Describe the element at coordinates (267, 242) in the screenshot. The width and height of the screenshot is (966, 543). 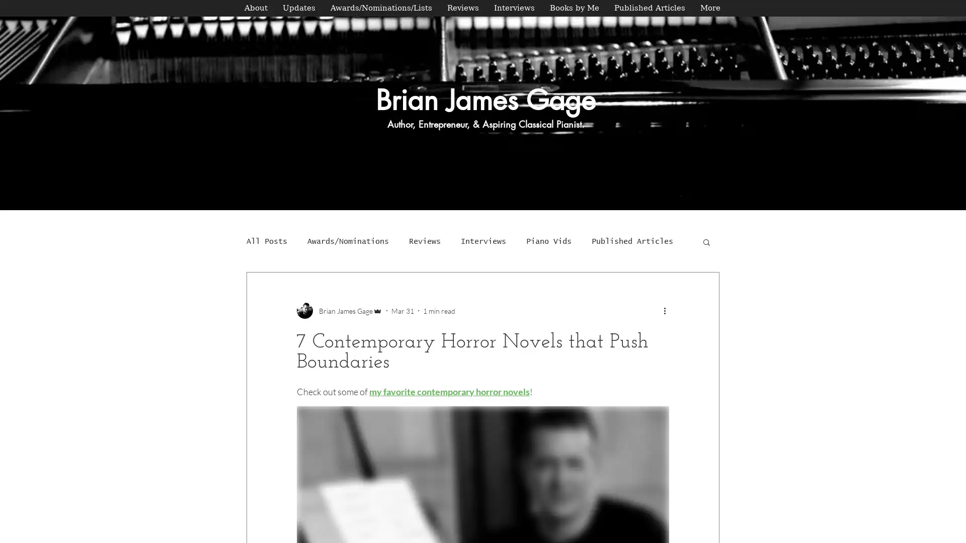
I see `All Posts` at that location.